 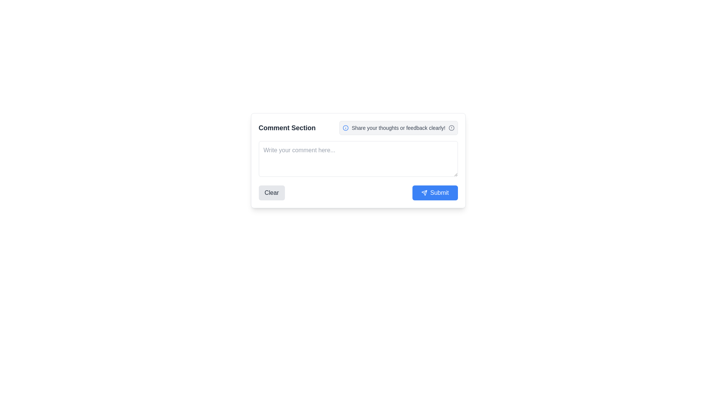 I want to click on the light blue information icon, which is situated to the left of the text label 'Share your thoughts or feedback clearly!' in the comment submission interface, so click(x=345, y=128).